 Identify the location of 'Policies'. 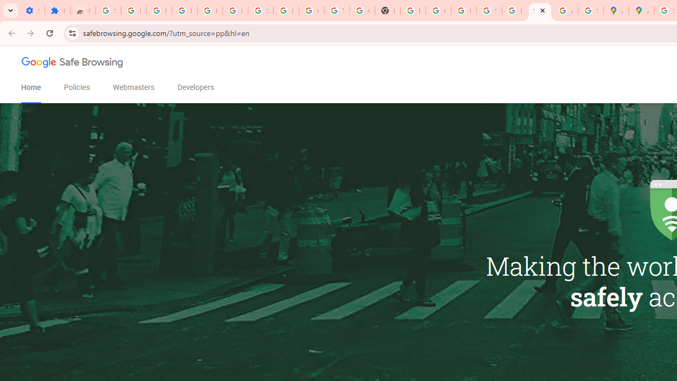
(76, 87).